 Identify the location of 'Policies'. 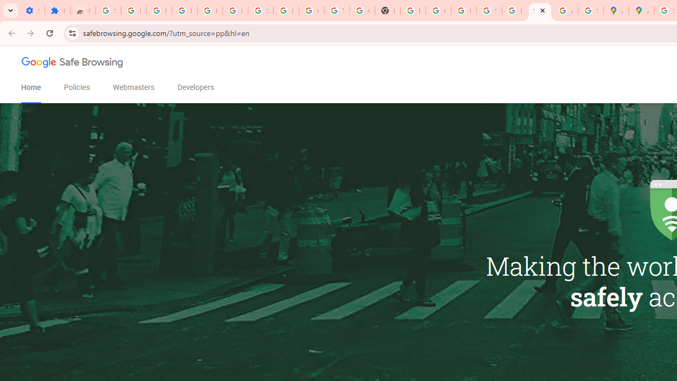
(76, 87).